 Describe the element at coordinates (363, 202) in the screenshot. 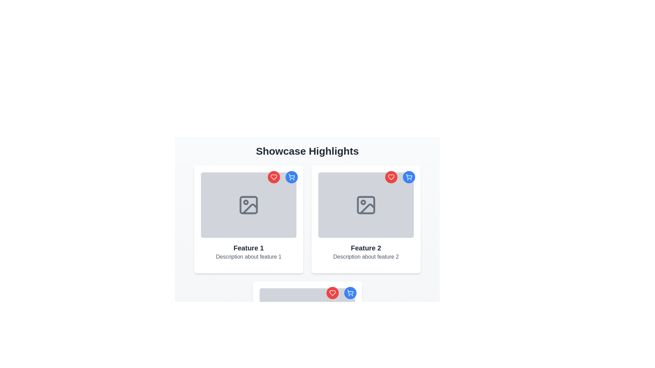

I see `the circular indicator located in the 'Feature 2' card, which is the second card under the 'Showcase Highlights' section, centrally placed within the picture graphic` at that location.